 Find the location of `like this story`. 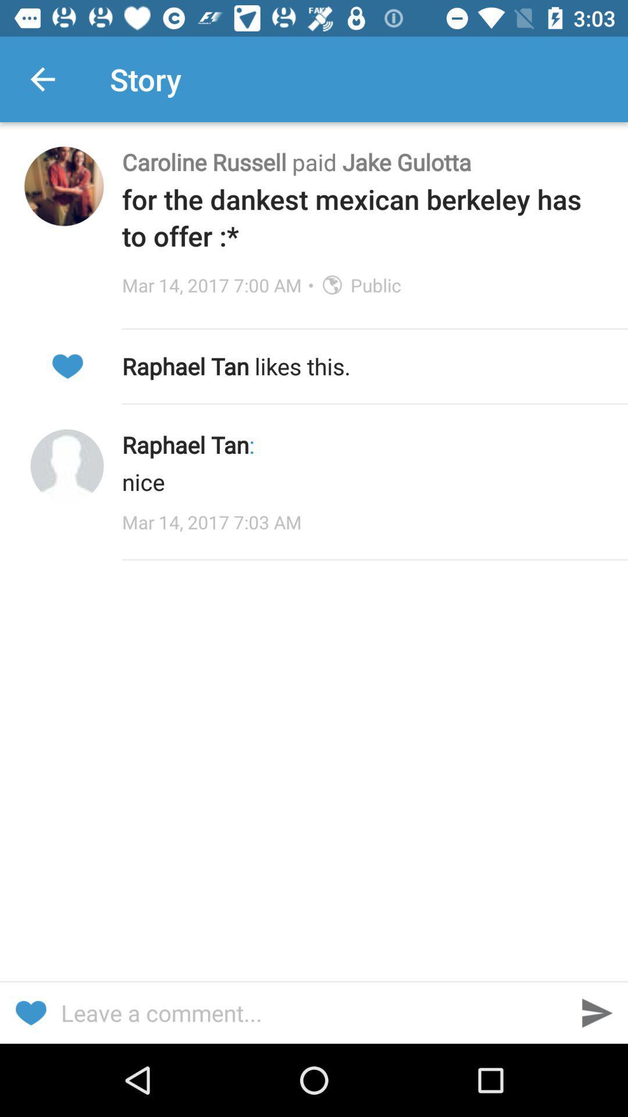

like this story is located at coordinates (30, 1012).